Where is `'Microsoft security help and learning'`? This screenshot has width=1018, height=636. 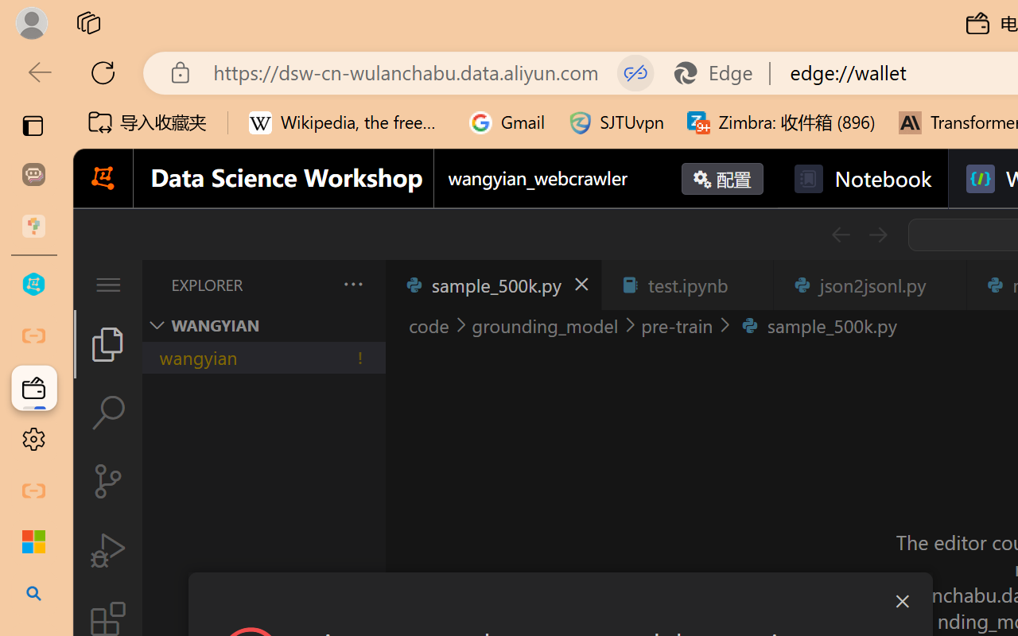 'Microsoft security help and learning' is located at coordinates (33, 542).